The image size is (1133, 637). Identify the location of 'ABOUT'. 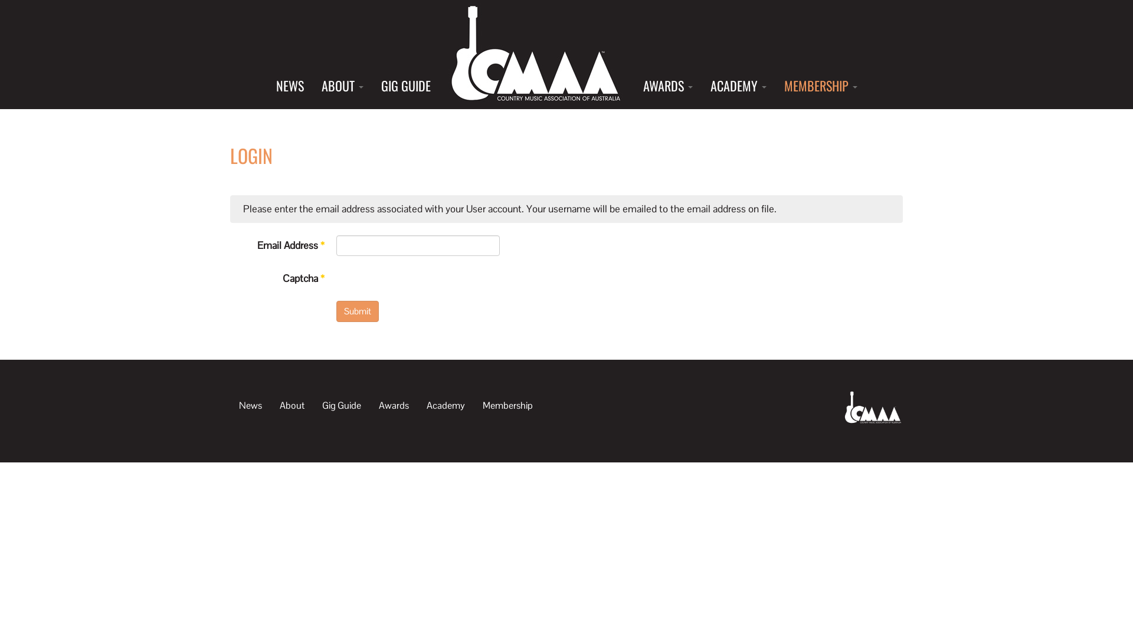
(342, 85).